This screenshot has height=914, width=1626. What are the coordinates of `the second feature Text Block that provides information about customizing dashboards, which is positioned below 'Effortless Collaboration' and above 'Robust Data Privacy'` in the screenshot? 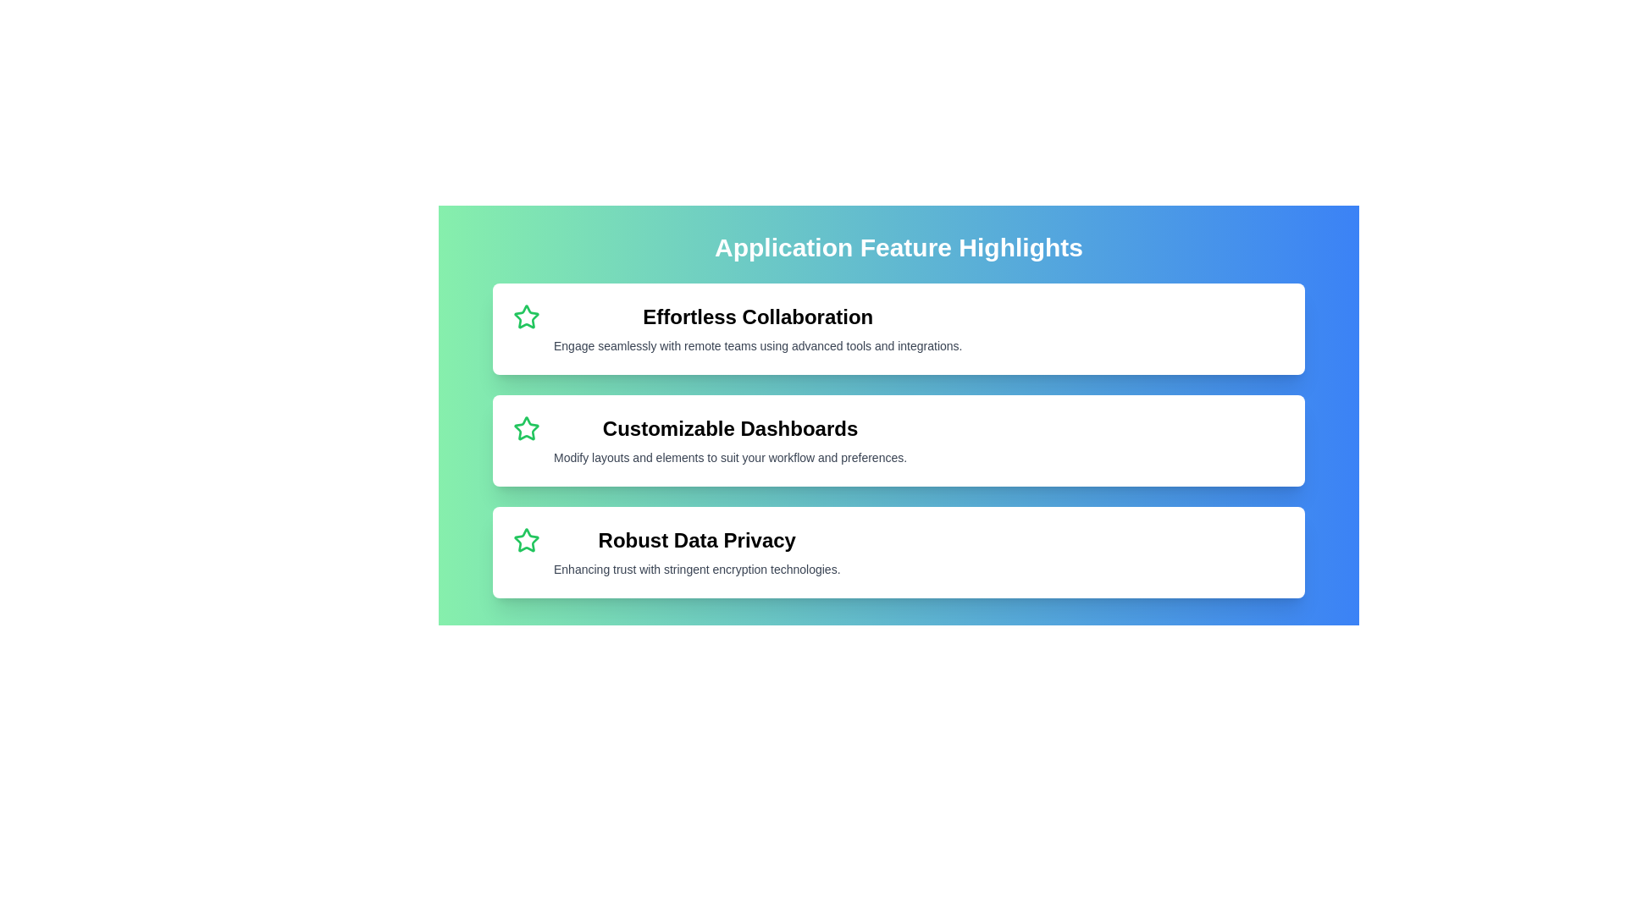 It's located at (730, 439).